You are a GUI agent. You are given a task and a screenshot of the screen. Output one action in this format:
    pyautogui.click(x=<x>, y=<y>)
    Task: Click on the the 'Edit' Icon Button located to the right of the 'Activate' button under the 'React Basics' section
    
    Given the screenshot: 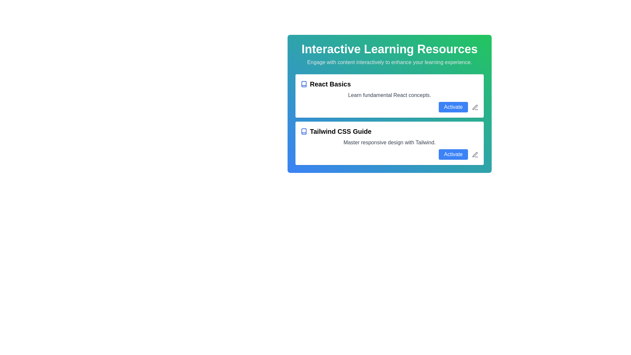 What is the action you would take?
    pyautogui.click(x=475, y=107)
    